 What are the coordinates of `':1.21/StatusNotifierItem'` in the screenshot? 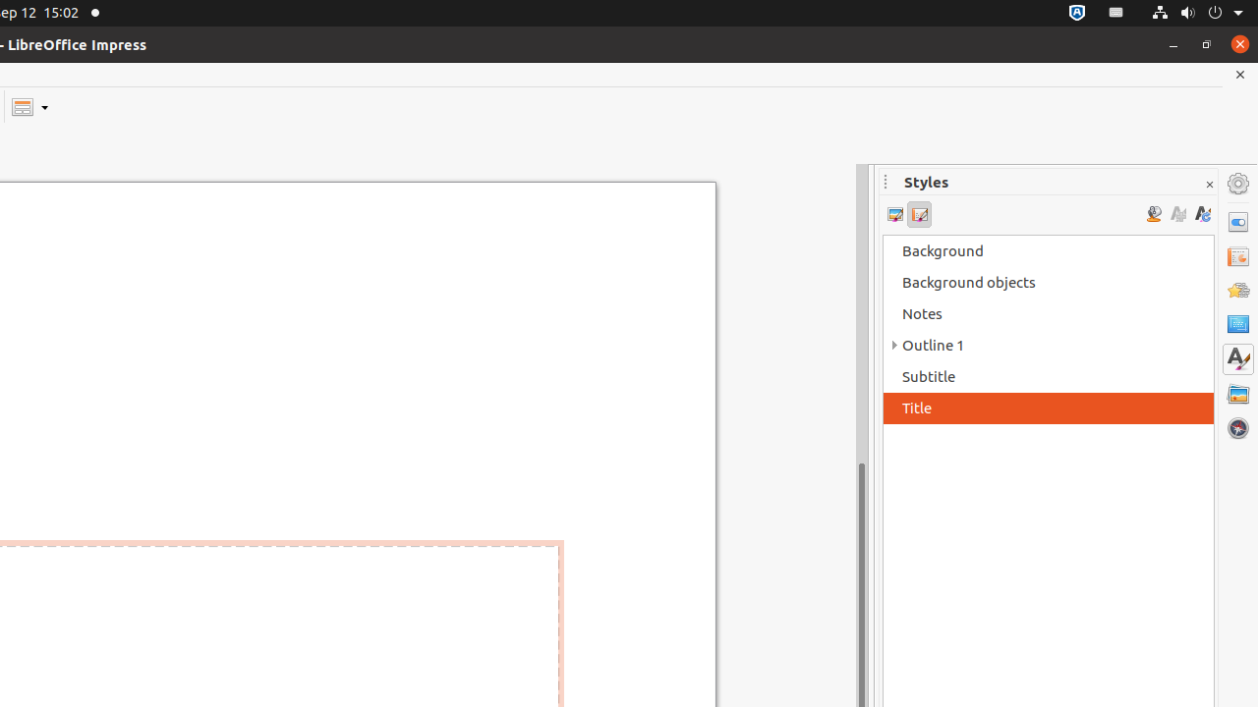 It's located at (1116, 13).